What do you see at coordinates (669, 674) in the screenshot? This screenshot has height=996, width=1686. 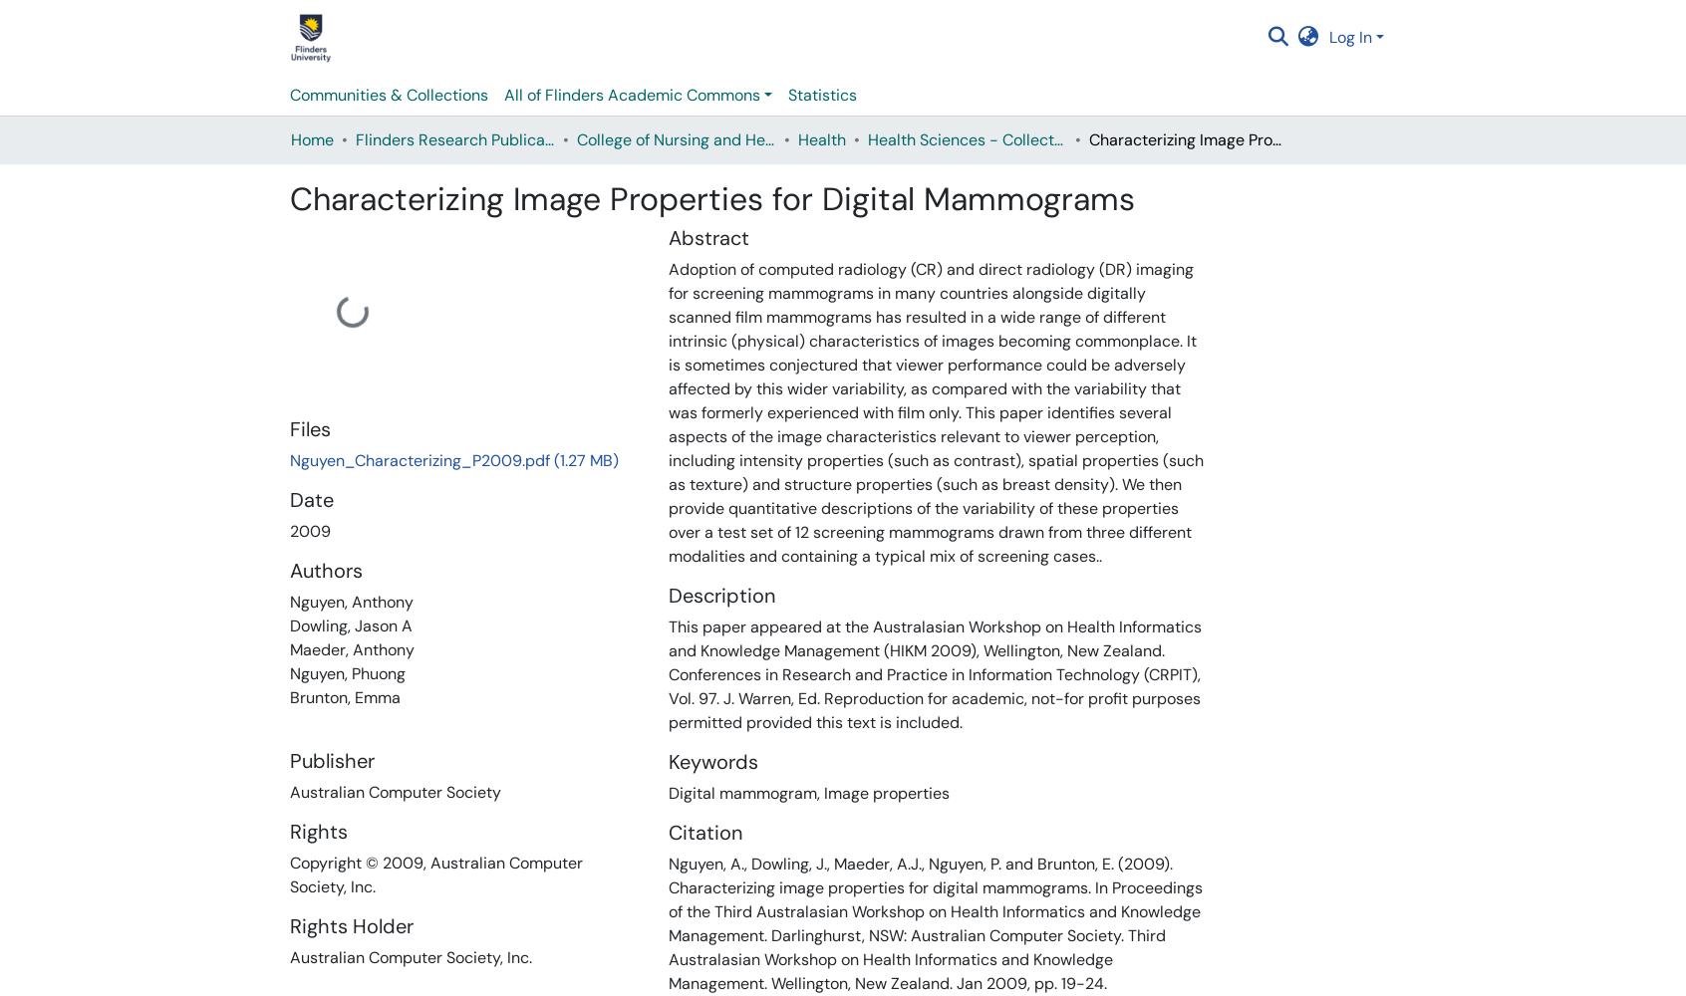 I see `'This paper appeared at the Australasian Workshop on Health Informatics and Knowledge Management (HIKM 2009), Wellington, New Zealand. Conferences in Research and Practice in Information Technology (CRPIT), Vol. 97. J. Warren, Ed. Reproduction for academic, not-for profit purposes permitted provided this text is included.'` at bounding box center [669, 674].